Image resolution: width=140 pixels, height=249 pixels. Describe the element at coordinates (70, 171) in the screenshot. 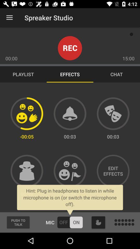

I see `share audio` at that location.